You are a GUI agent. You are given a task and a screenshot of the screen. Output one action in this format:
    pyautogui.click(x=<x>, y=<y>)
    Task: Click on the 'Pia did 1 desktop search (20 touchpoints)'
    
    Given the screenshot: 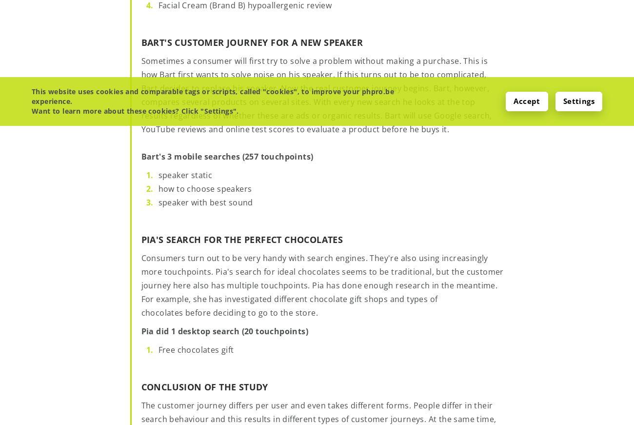 What is the action you would take?
    pyautogui.click(x=224, y=330)
    